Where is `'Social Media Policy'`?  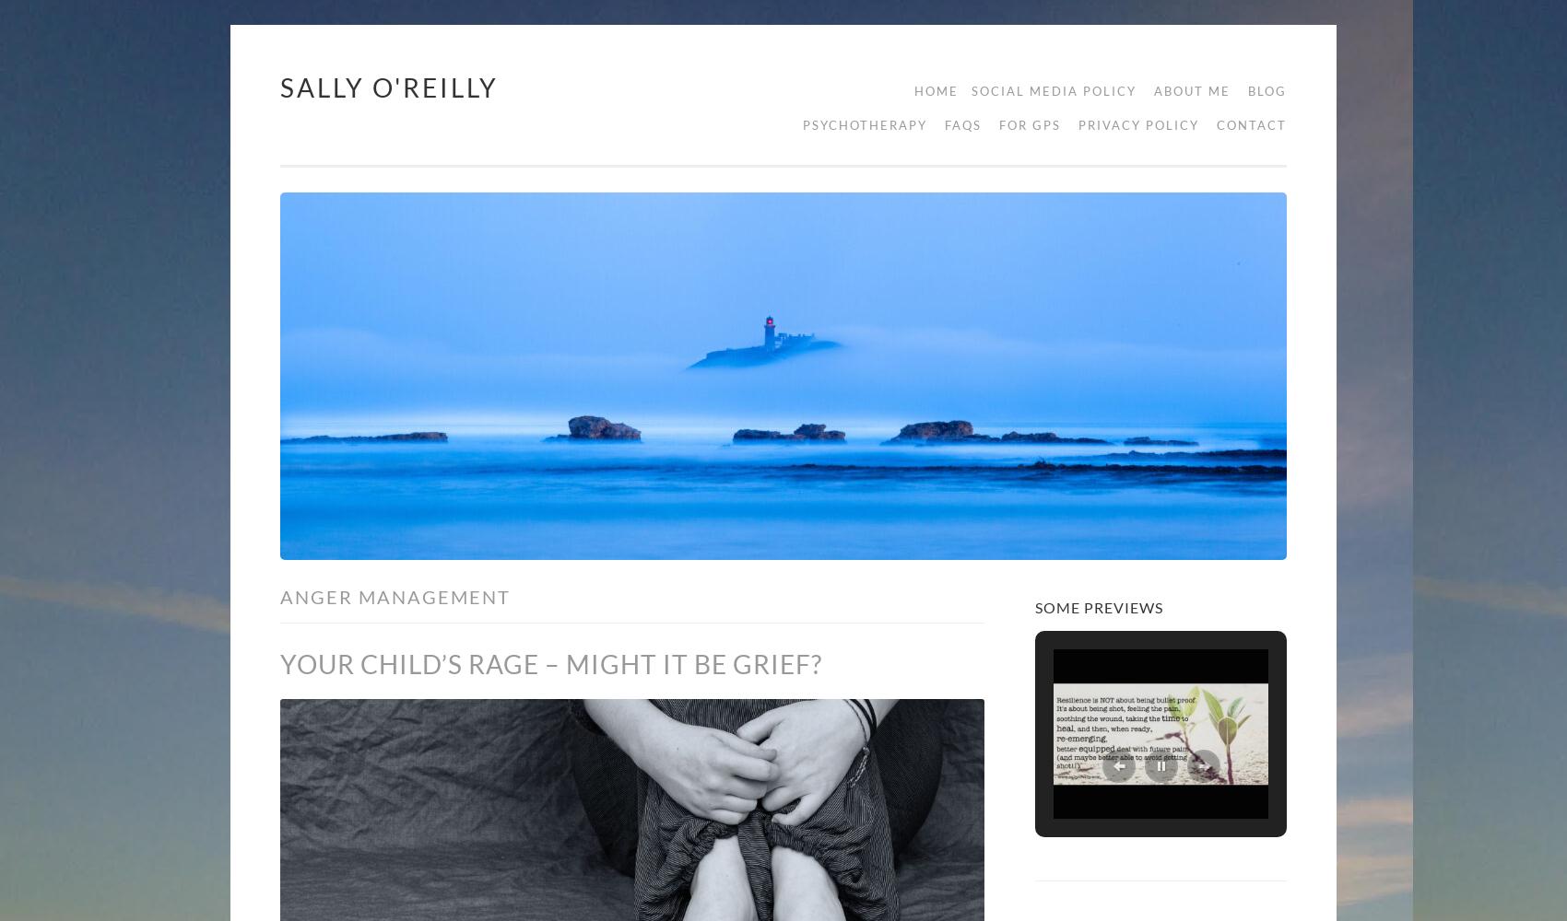 'Social Media Policy' is located at coordinates (1054, 90).